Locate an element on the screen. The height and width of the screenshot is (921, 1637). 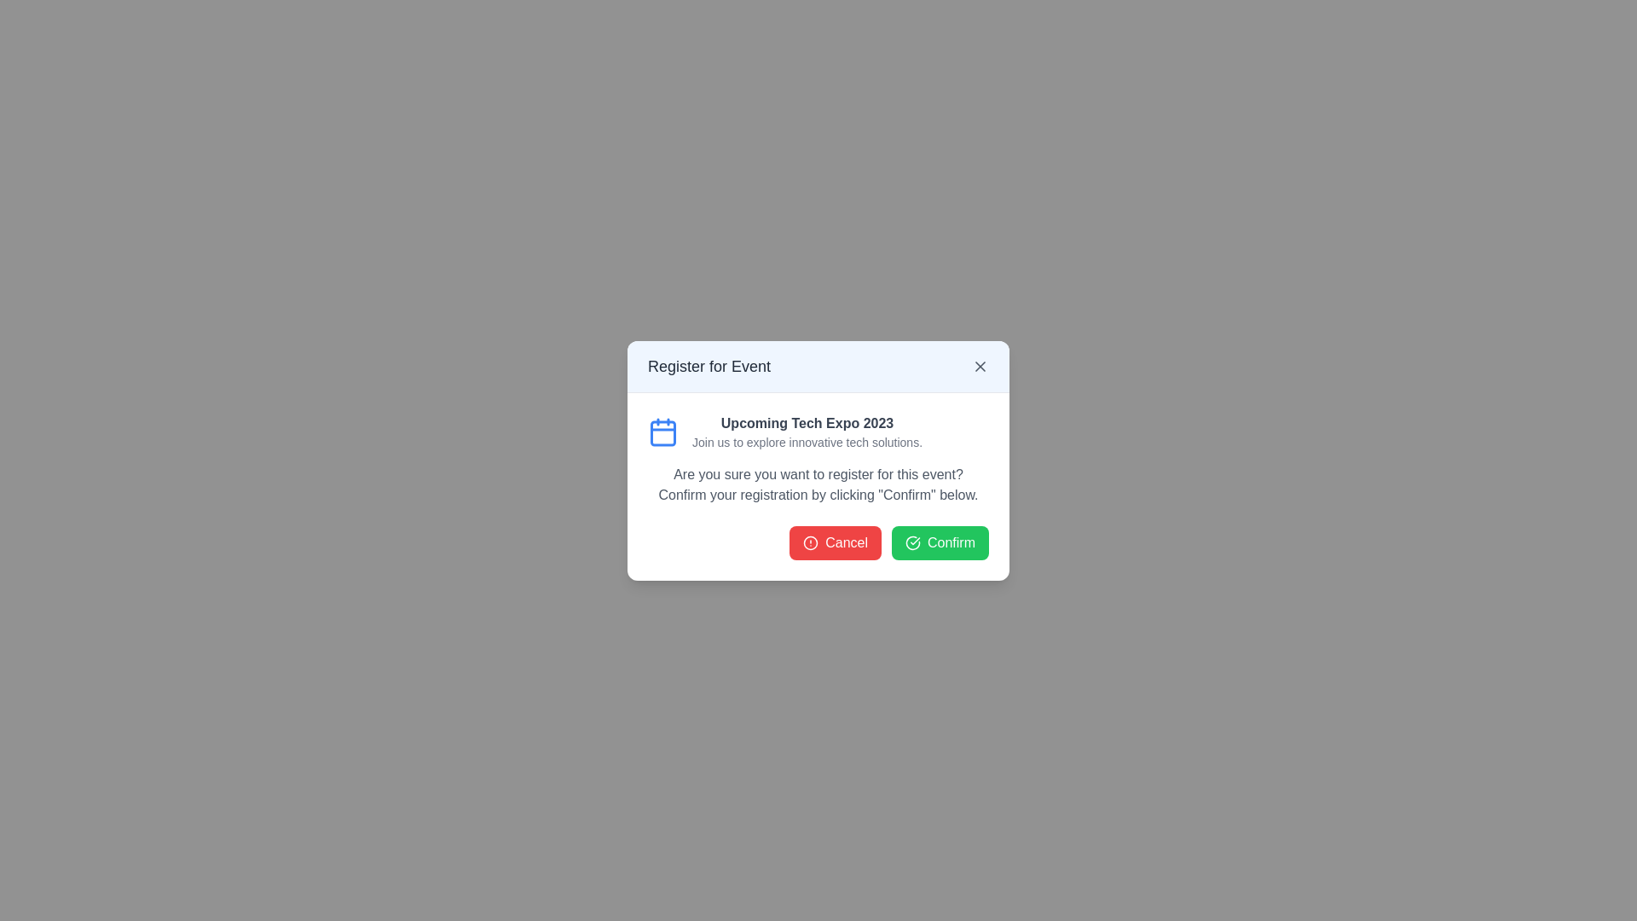
the event title text label in the 'Register for Event' dialog box, which is positioned above the text 'Join us is located at coordinates (806, 422).